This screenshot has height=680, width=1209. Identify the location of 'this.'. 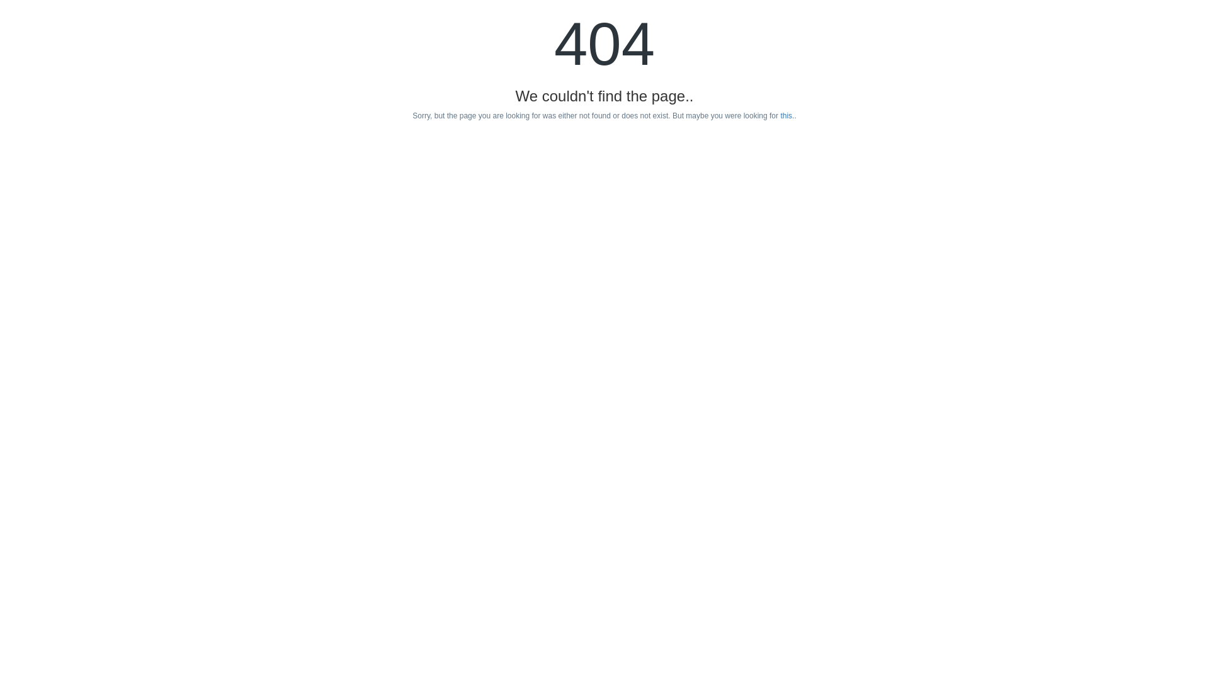
(786, 116).